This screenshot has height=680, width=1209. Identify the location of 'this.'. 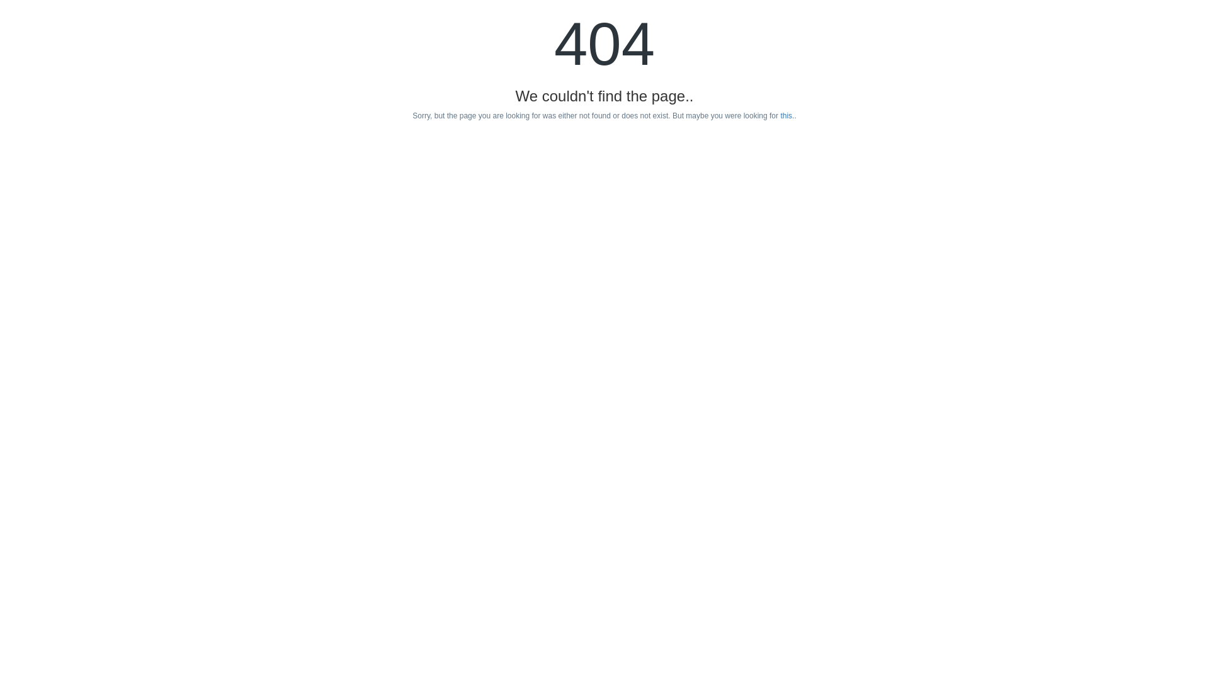
(786, 116).